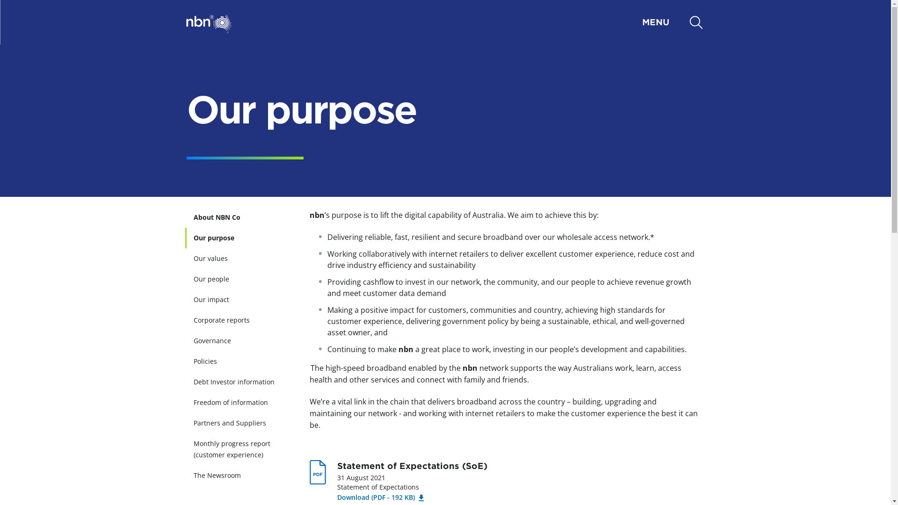  What do you see at coordinates (239, 299) in the screenshot?
I see `'Our impact'` at bounding box center [239, 299].